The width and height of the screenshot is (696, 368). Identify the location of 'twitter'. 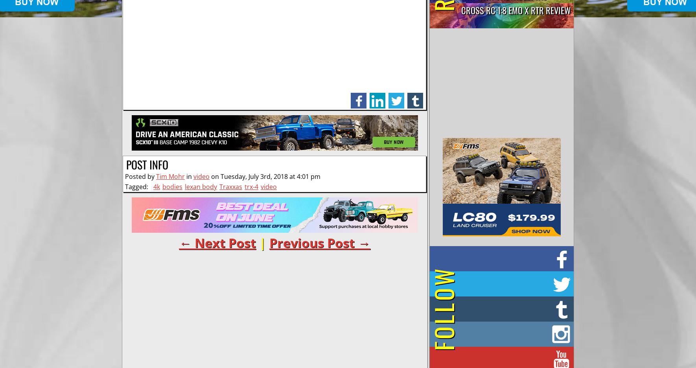
(398, 96).